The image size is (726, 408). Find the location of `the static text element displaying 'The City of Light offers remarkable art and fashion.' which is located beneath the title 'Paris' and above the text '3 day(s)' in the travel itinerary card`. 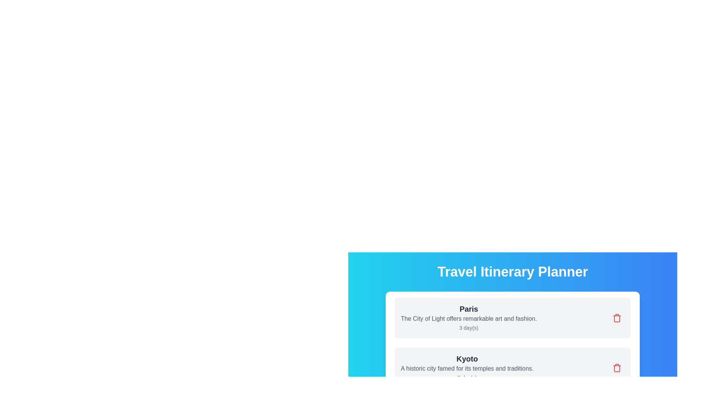

the static text element displaying 'The City of Light offers remarkable art and fashion.' which is located beneath the title 'Paris' and above the text '3 day(s)' in the travel itinerary card is located at coordinates (468, 319).